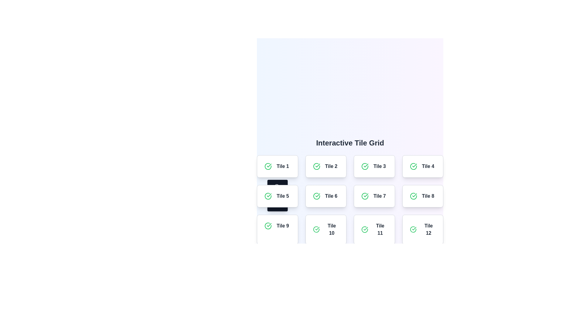  What do you see at coordinates (268, 226) in the screenshot?
I see `the circular checkmark icon that indicates a successful or completed action, located in the ninth tile of the third row in the interactive grid` at bounding box center [268, 226].